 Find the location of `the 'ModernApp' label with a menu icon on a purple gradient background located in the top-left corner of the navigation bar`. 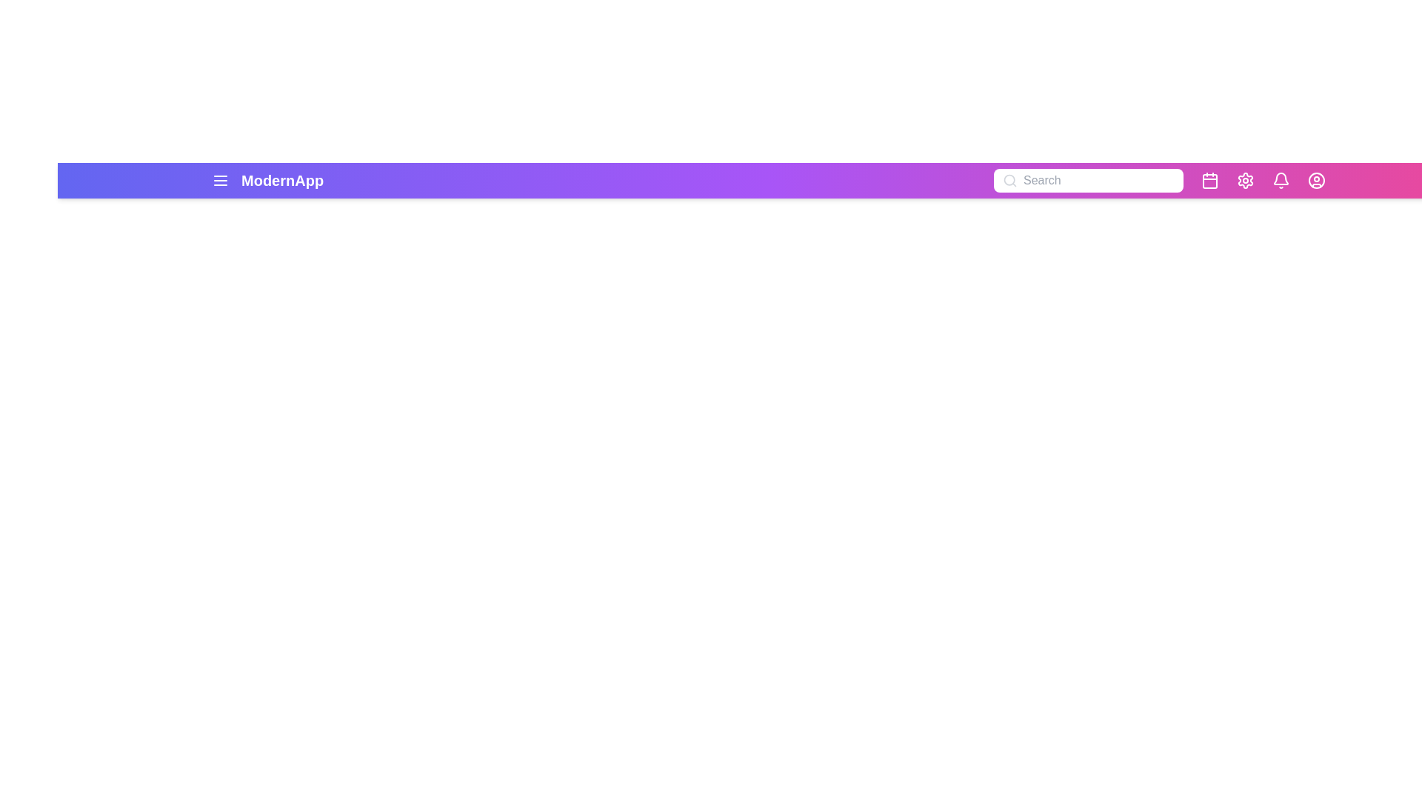

the 'ModernApp' label with a menu icon on a purple gradient background located in the top-left corner of the navigation bar is located at coordinates (267, 179).